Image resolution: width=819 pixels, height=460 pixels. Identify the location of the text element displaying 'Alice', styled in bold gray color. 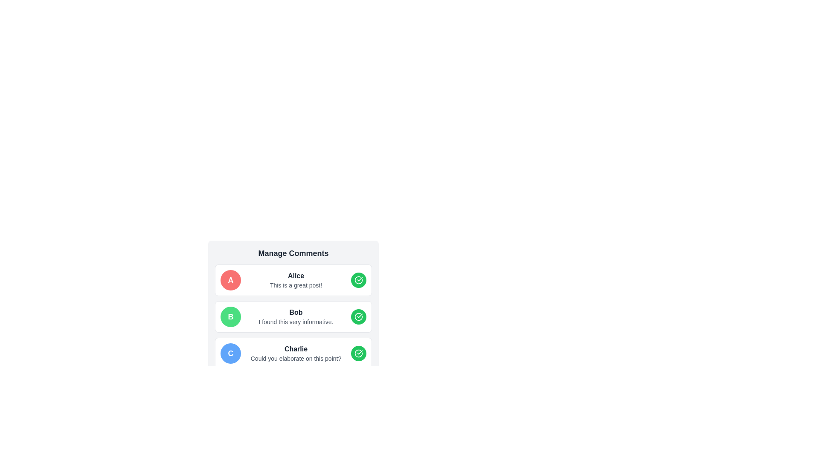
(296, 276).